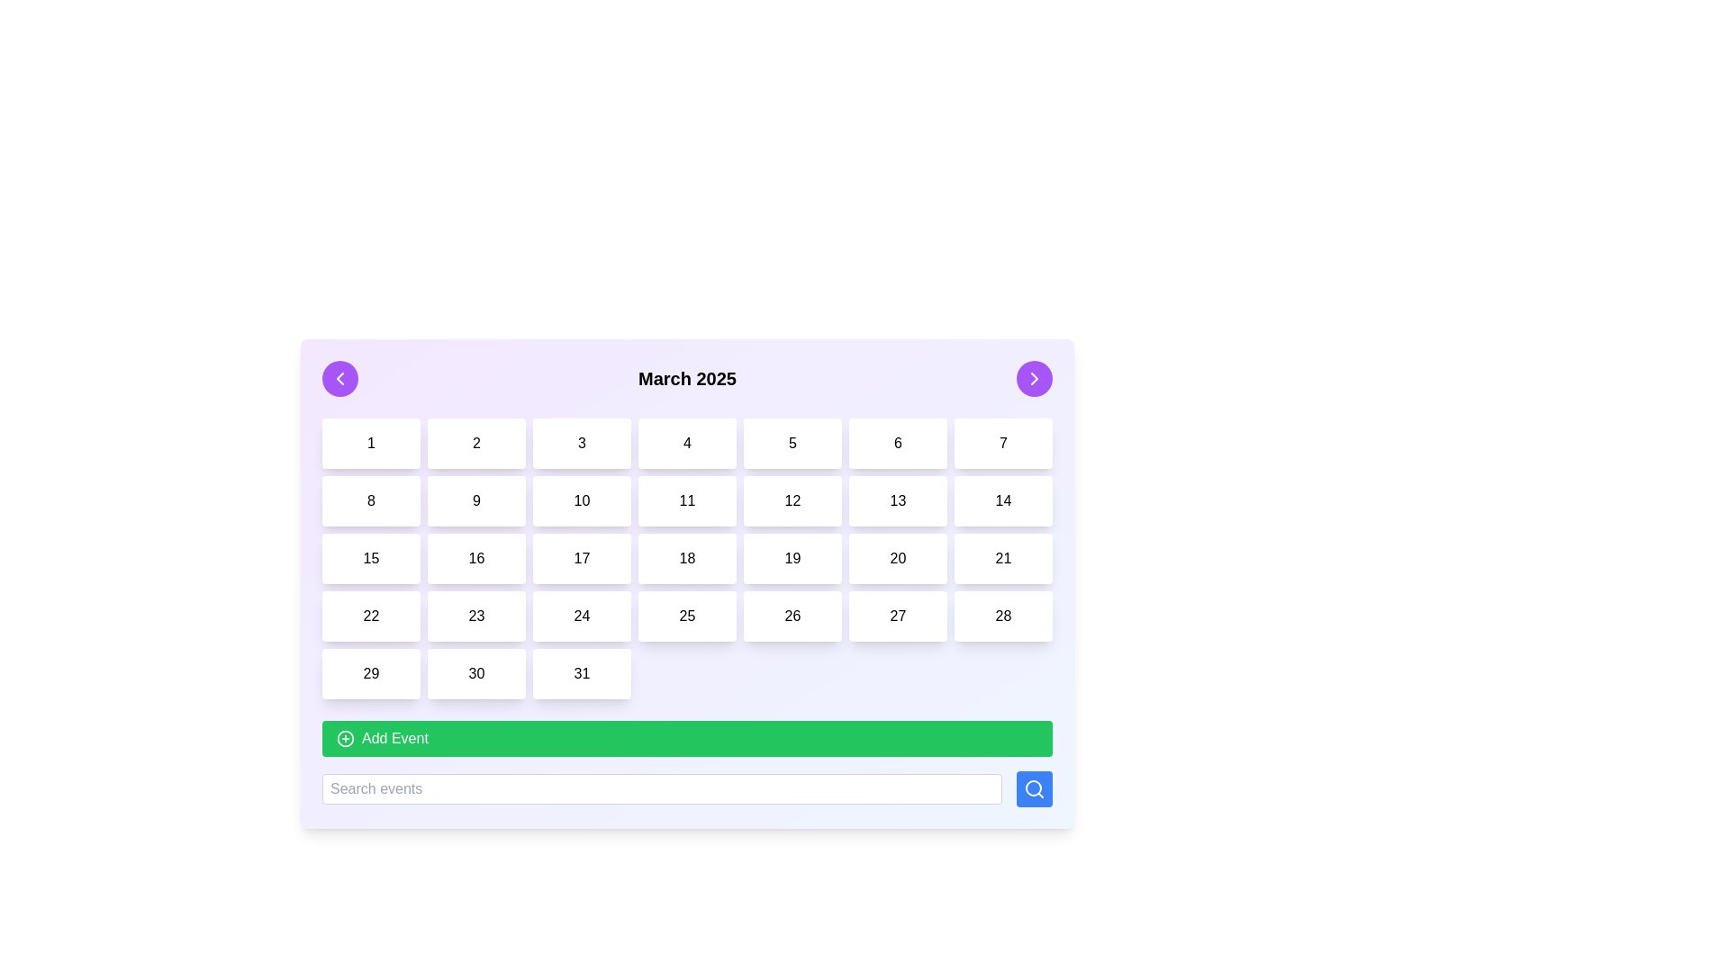 This screenshot has height=972, width=1729. I want to click on the white square button with rounded corners and the digit '29' centered in bold black text, so click(370, 673).